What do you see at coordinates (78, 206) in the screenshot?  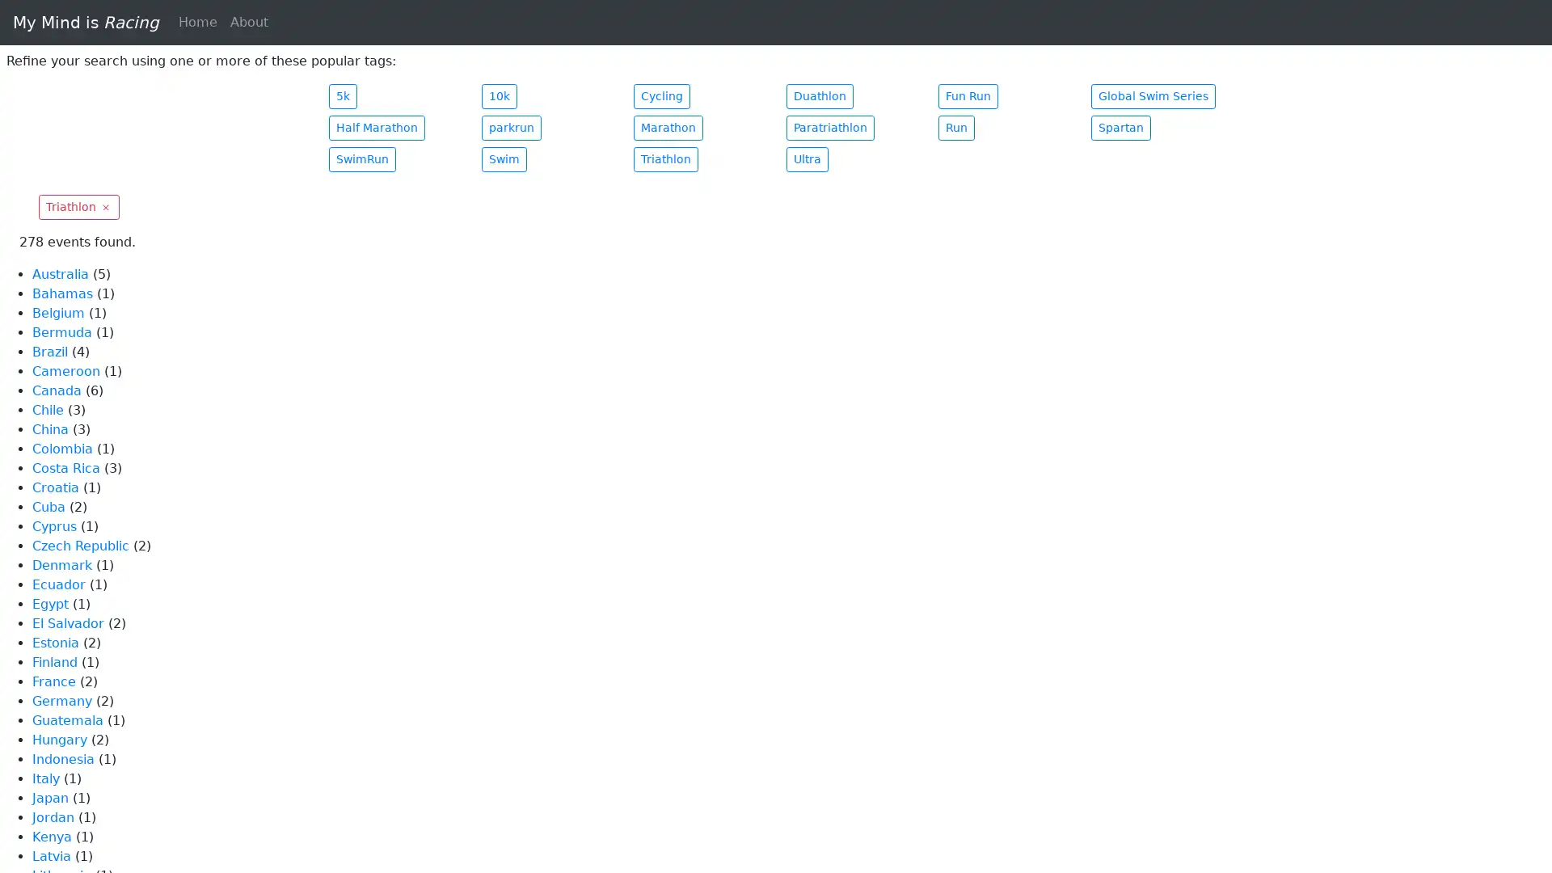 I see `Triathlon` at bounding box center [78, 206].